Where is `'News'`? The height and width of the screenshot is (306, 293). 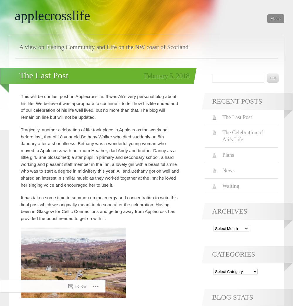
'News' is located at coordinates (228, 171).